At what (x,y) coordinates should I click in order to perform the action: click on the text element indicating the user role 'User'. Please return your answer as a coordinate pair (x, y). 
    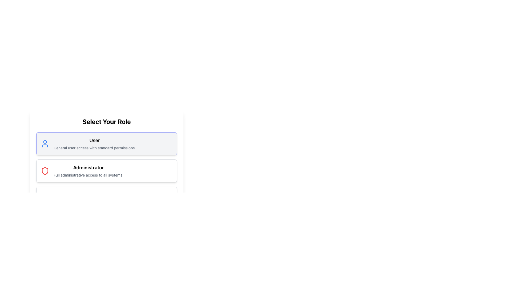
    Looking at the image, I should click on (95, 140).